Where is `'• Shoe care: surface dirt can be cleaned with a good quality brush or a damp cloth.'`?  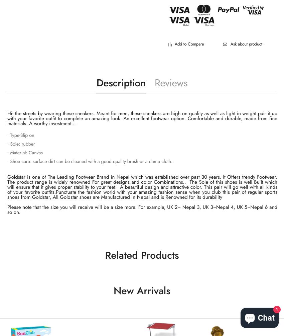
'• Shoe care: surface dirt can be cleaned with a good quality brush or a damp cloth.' is located at coordinates (89, 161).